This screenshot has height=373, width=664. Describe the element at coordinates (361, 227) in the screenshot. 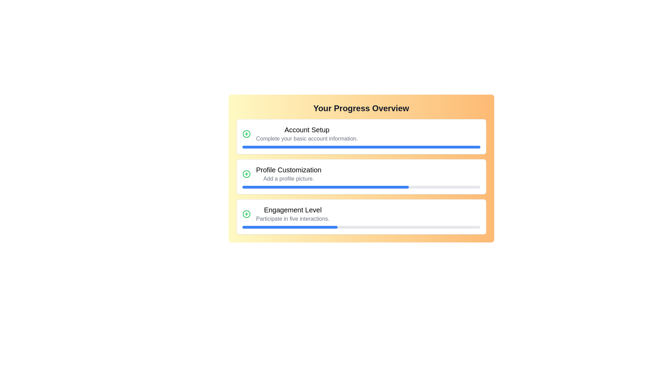

I see `the Progress Bar representing the 'Engagement Level' located within the 'Engagement Level' card at the bottom of the progress overview section, just below the text 'Participate in five interactions.'` at that location.